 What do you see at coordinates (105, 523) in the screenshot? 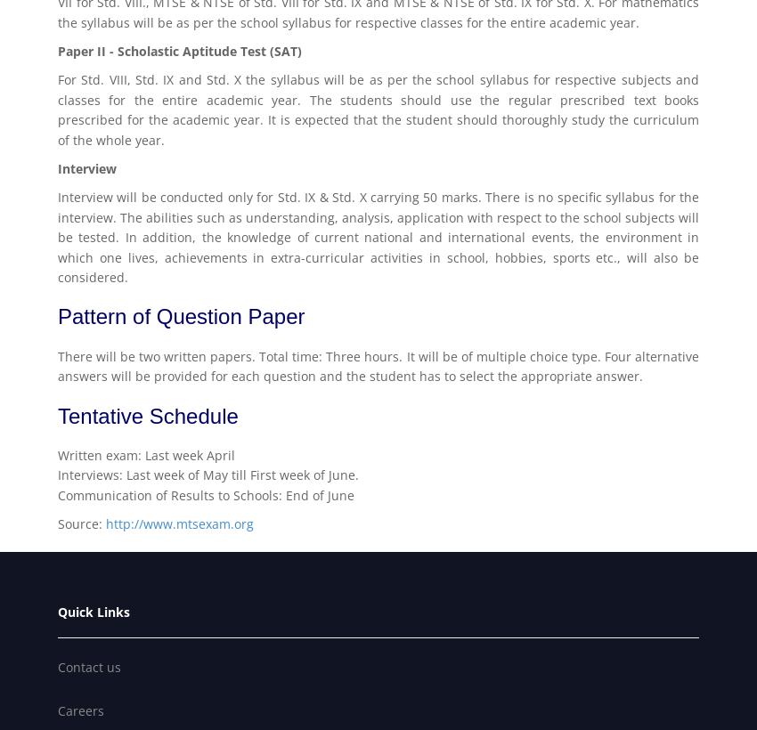
I see `'http://www.mtsexam.org'` at bounding box center [105, 523].